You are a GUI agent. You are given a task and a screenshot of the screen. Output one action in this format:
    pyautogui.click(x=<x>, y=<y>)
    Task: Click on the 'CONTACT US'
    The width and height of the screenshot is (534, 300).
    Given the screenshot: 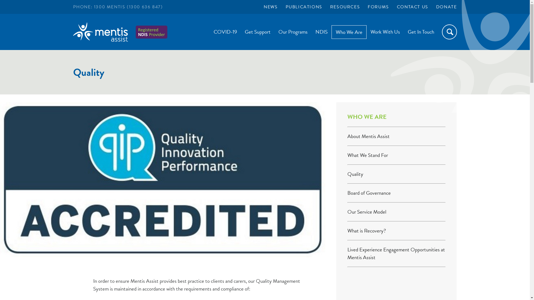 What is the action you would take?
    pyautogui.click(x=412, y=7)
    